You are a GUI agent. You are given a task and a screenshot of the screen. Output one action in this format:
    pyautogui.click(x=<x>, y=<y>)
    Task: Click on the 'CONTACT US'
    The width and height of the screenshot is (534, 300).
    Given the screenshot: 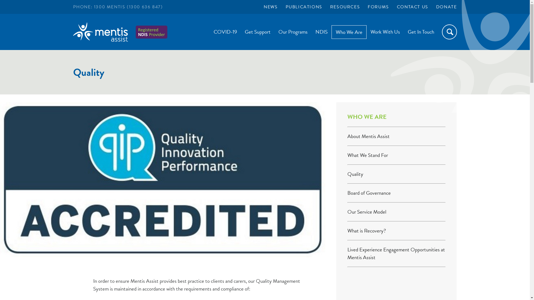 What is the action you would take?
    pyautogui.click(x=412, y=7)
    